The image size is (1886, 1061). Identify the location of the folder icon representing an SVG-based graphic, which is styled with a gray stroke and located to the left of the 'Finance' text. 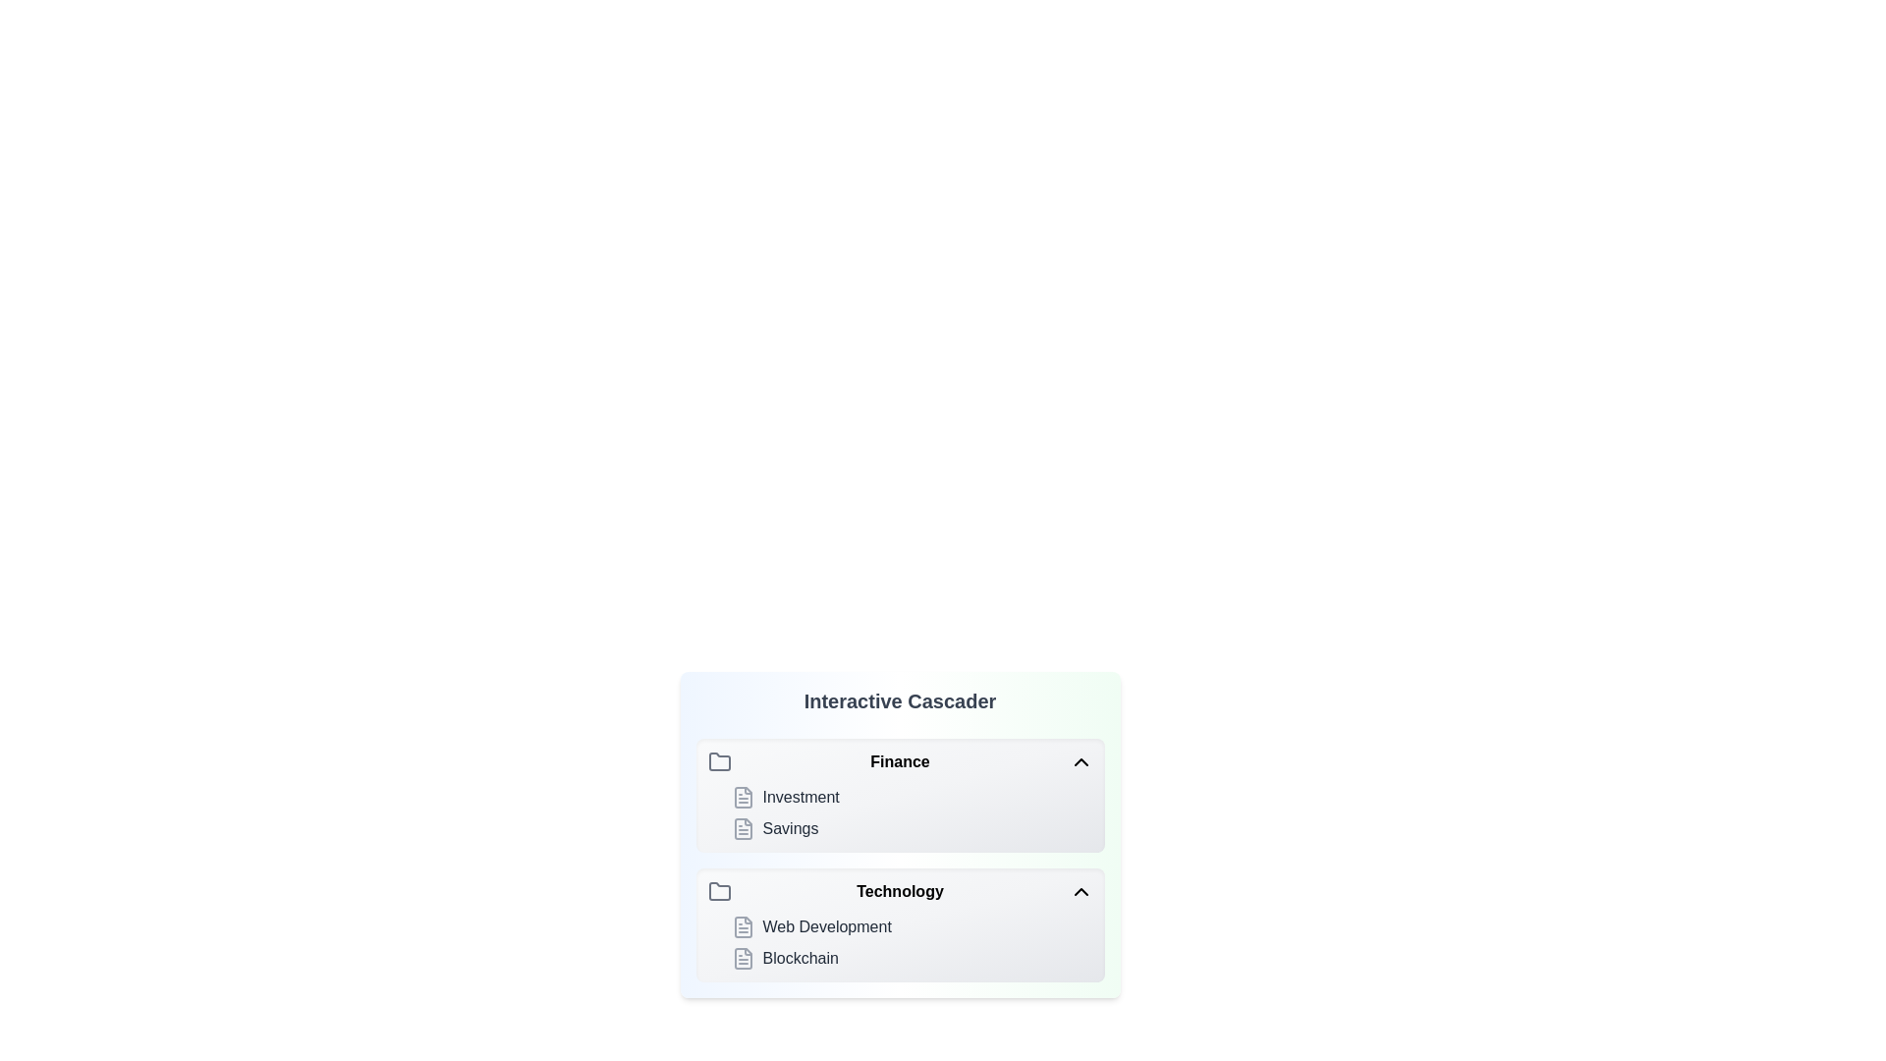
(718, 760).